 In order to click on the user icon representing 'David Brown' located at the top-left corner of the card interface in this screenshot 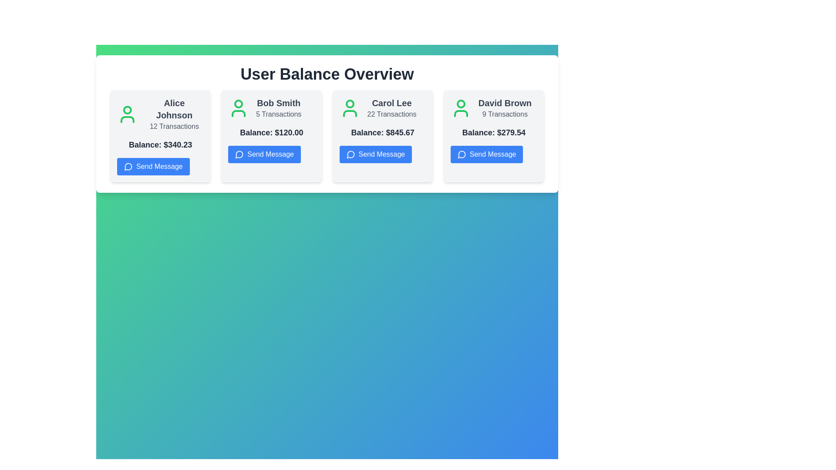, I will do `click(460, 108)`.